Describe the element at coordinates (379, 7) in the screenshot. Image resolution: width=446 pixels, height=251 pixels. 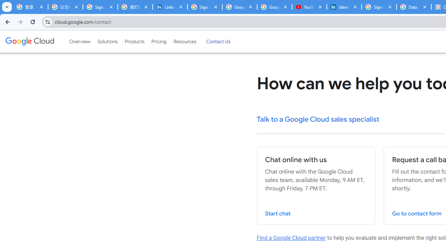
I see `'Sign in - Google Accounts'` at that location.